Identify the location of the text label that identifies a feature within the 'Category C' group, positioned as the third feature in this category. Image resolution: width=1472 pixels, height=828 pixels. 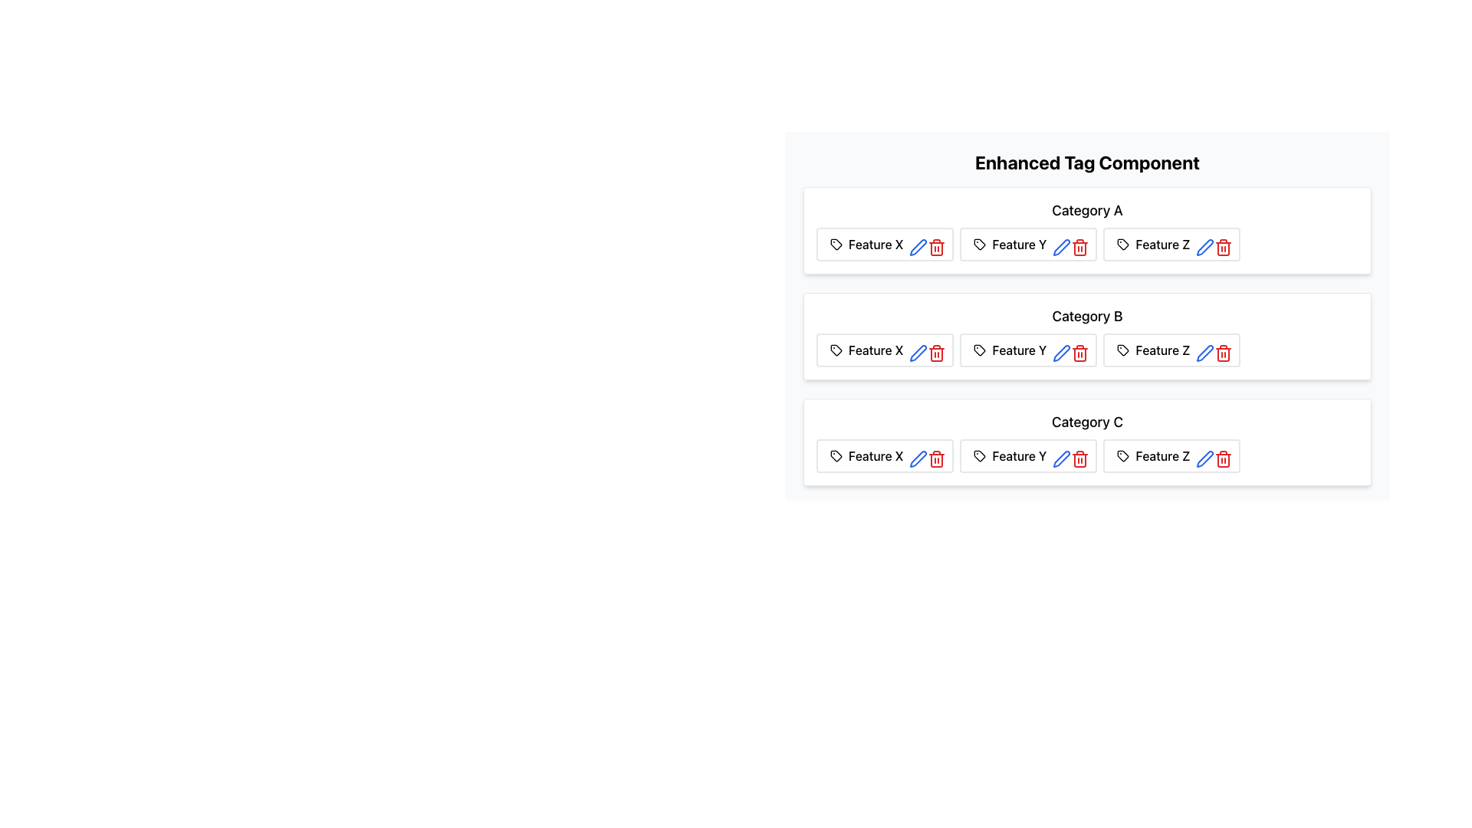
(1162, 455).